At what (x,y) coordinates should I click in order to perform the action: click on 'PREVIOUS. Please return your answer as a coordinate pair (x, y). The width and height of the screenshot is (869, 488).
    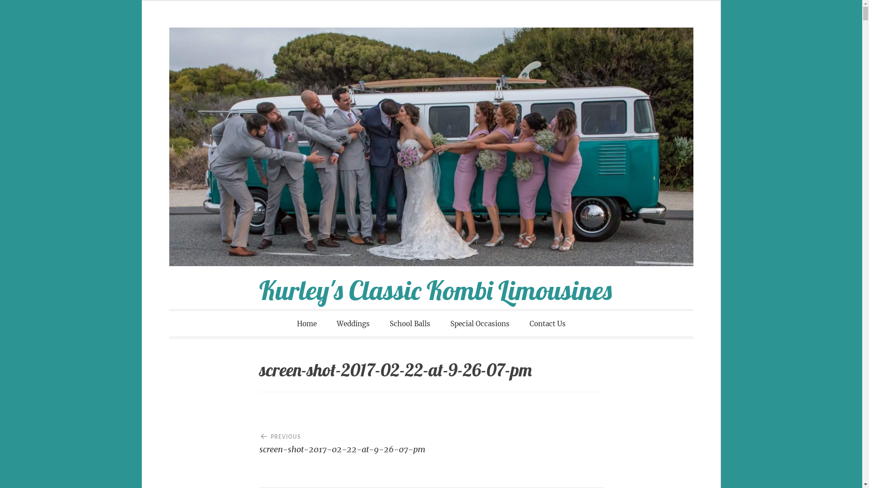
    Looking at the image, I should click on (344, 439).